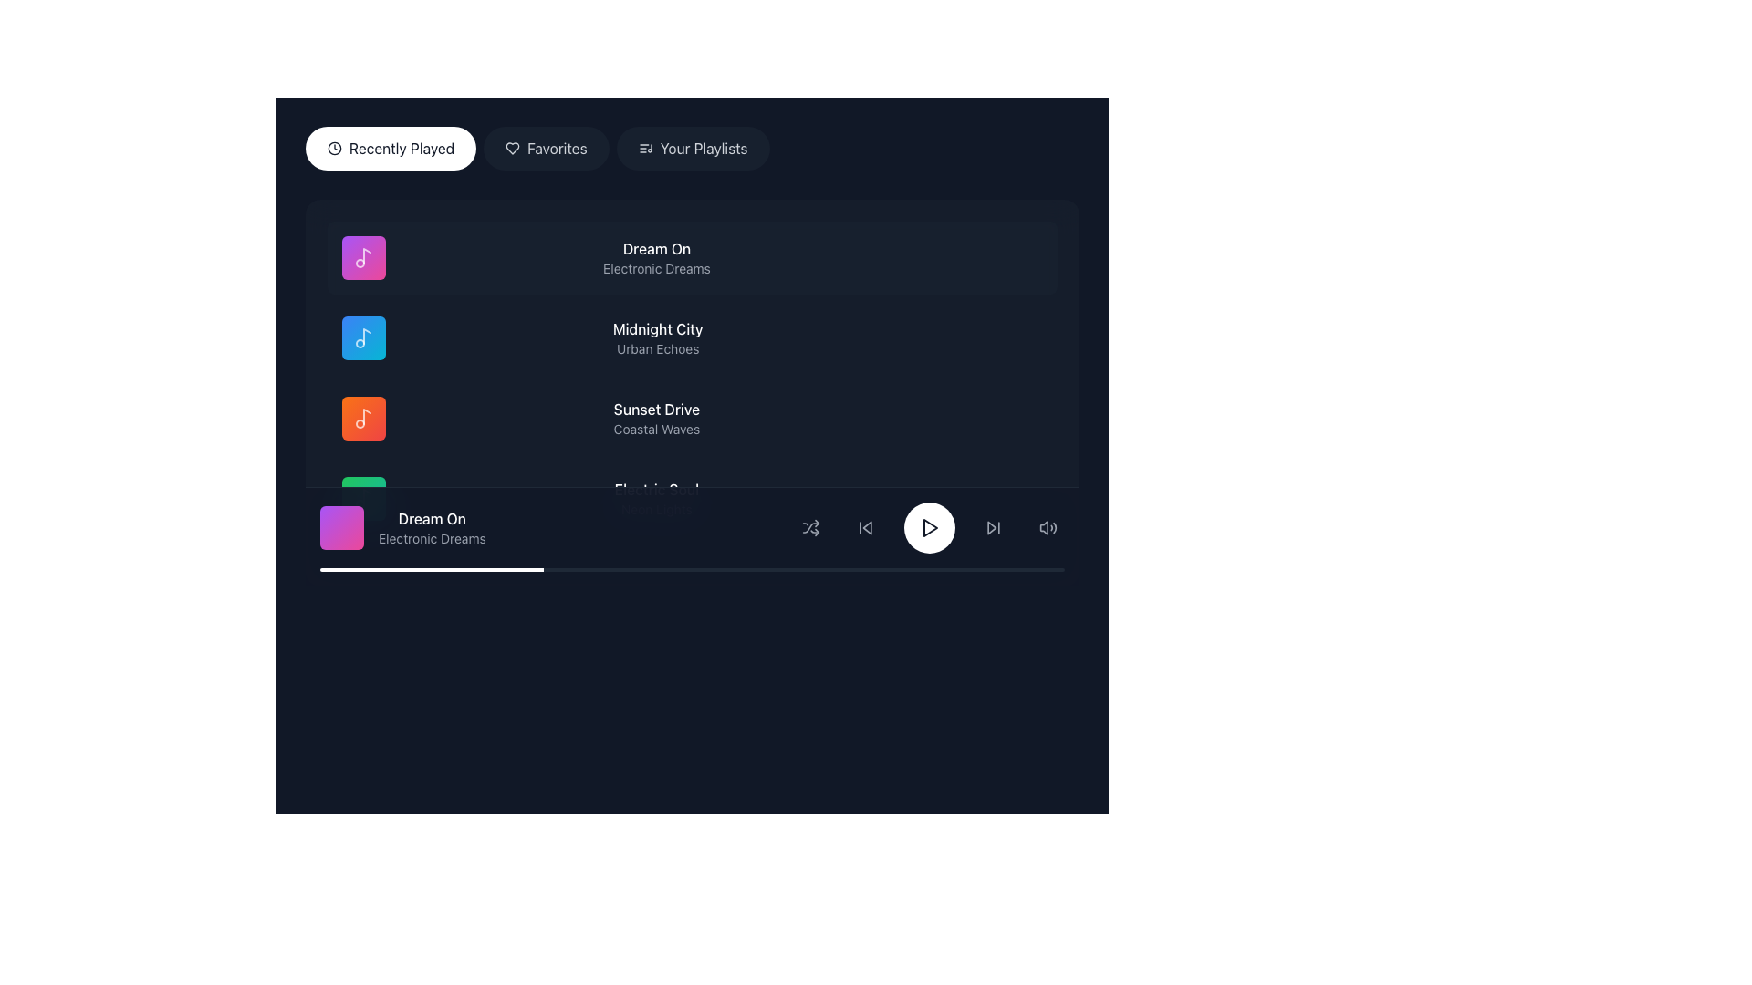 This screenshot has height=985, width=1752. I want to click on the play button located centrally within the player controls bar, so click(929, 527).